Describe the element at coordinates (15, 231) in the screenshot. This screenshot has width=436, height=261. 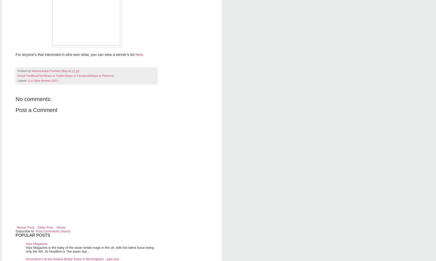
I see `'Subscribe to:'` at that location.